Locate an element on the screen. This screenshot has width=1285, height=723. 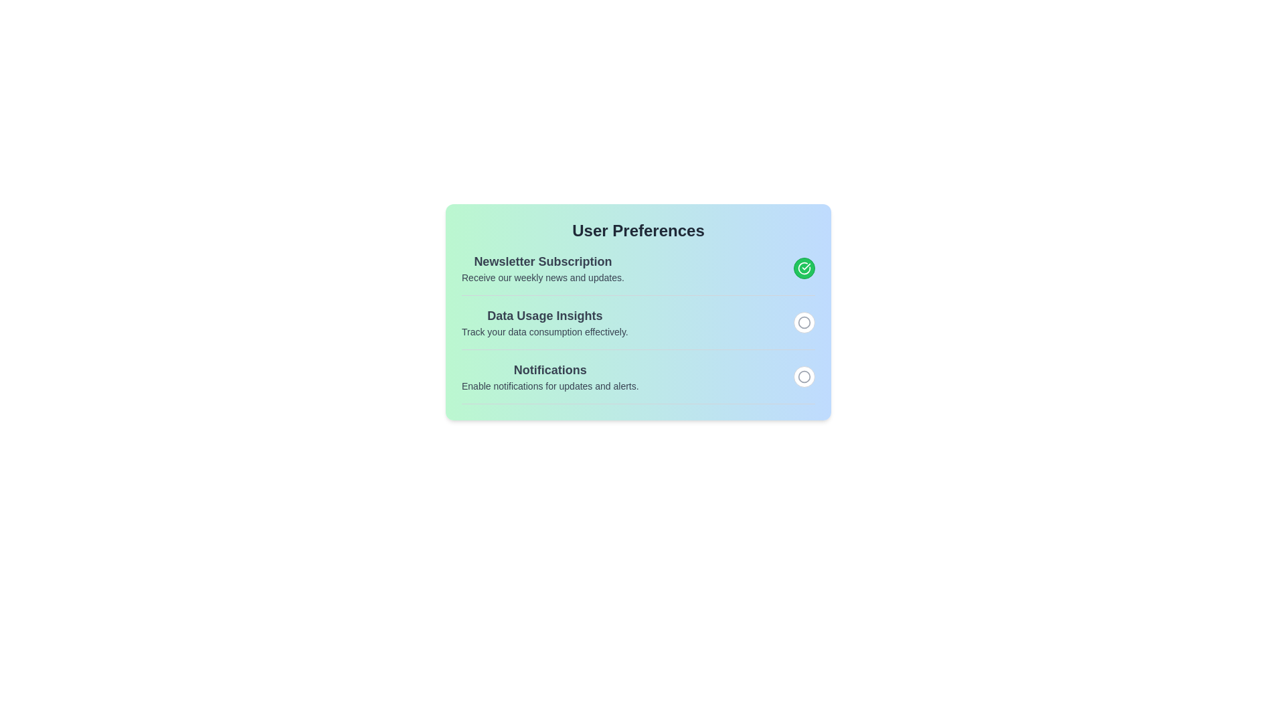
the 'Newsletter Subscription' label that contains the text in bold and larger font, positioned at the upper portion of the settings layout is located at coordinates (543, 268).